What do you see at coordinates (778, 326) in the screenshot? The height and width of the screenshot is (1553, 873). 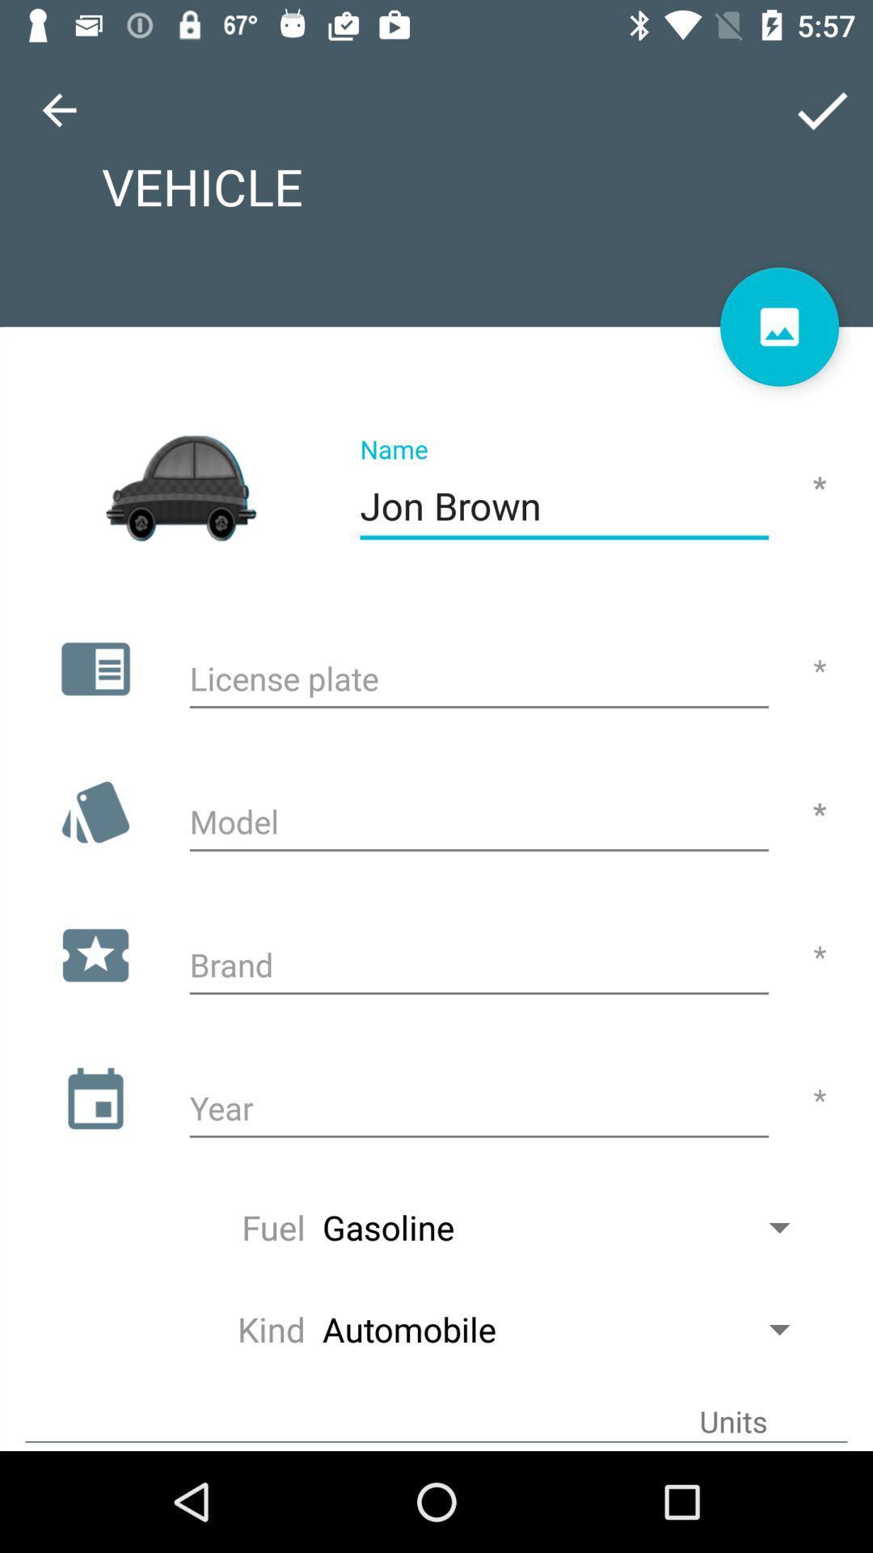 I see `the wallpaper icon` at bounding box center [778, 326].